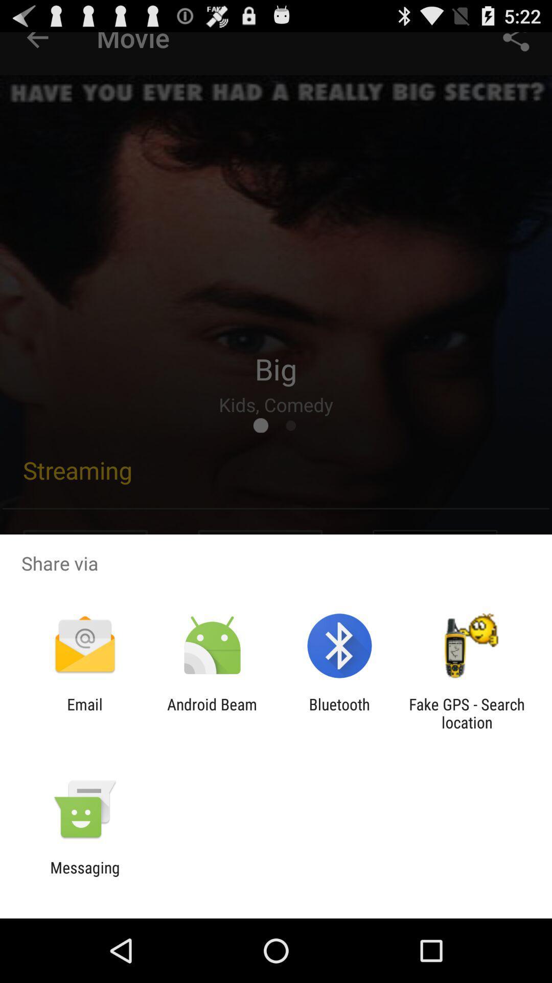  I want to click on the android beam icon, so click(212, 713).